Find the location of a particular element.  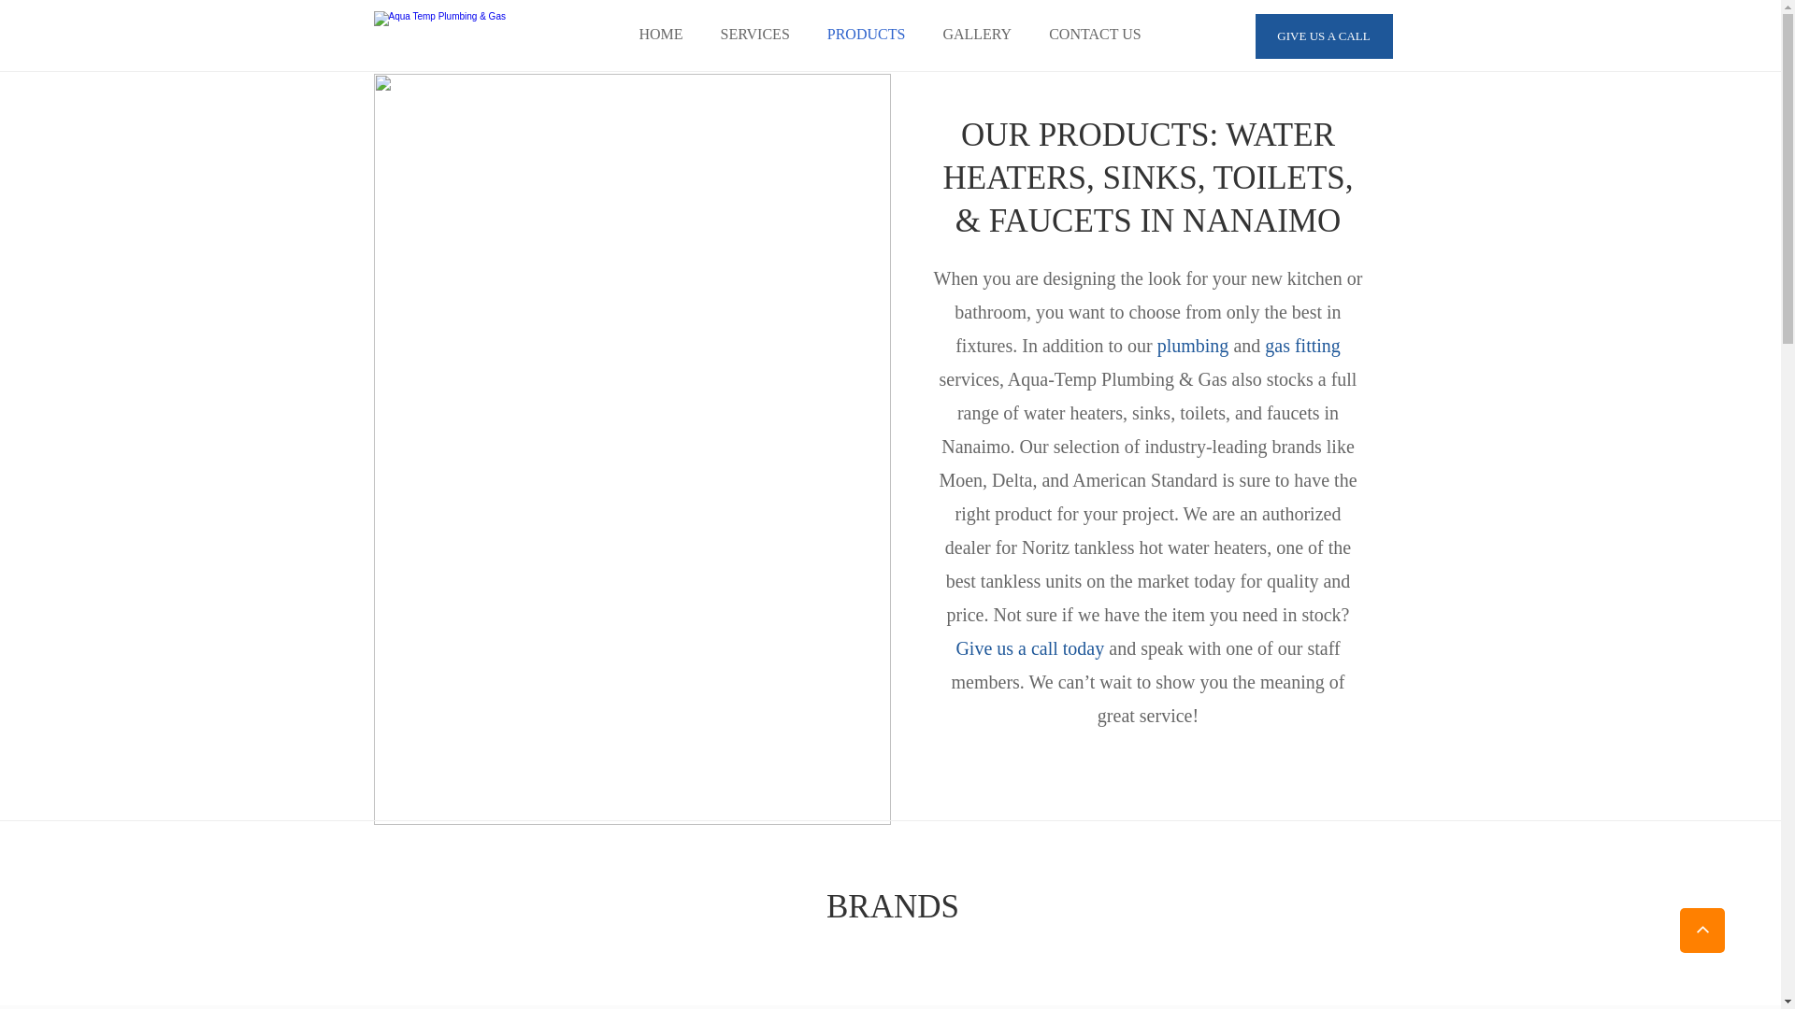

'GIVE US A CALL' is located at coordinates (1322, 36).